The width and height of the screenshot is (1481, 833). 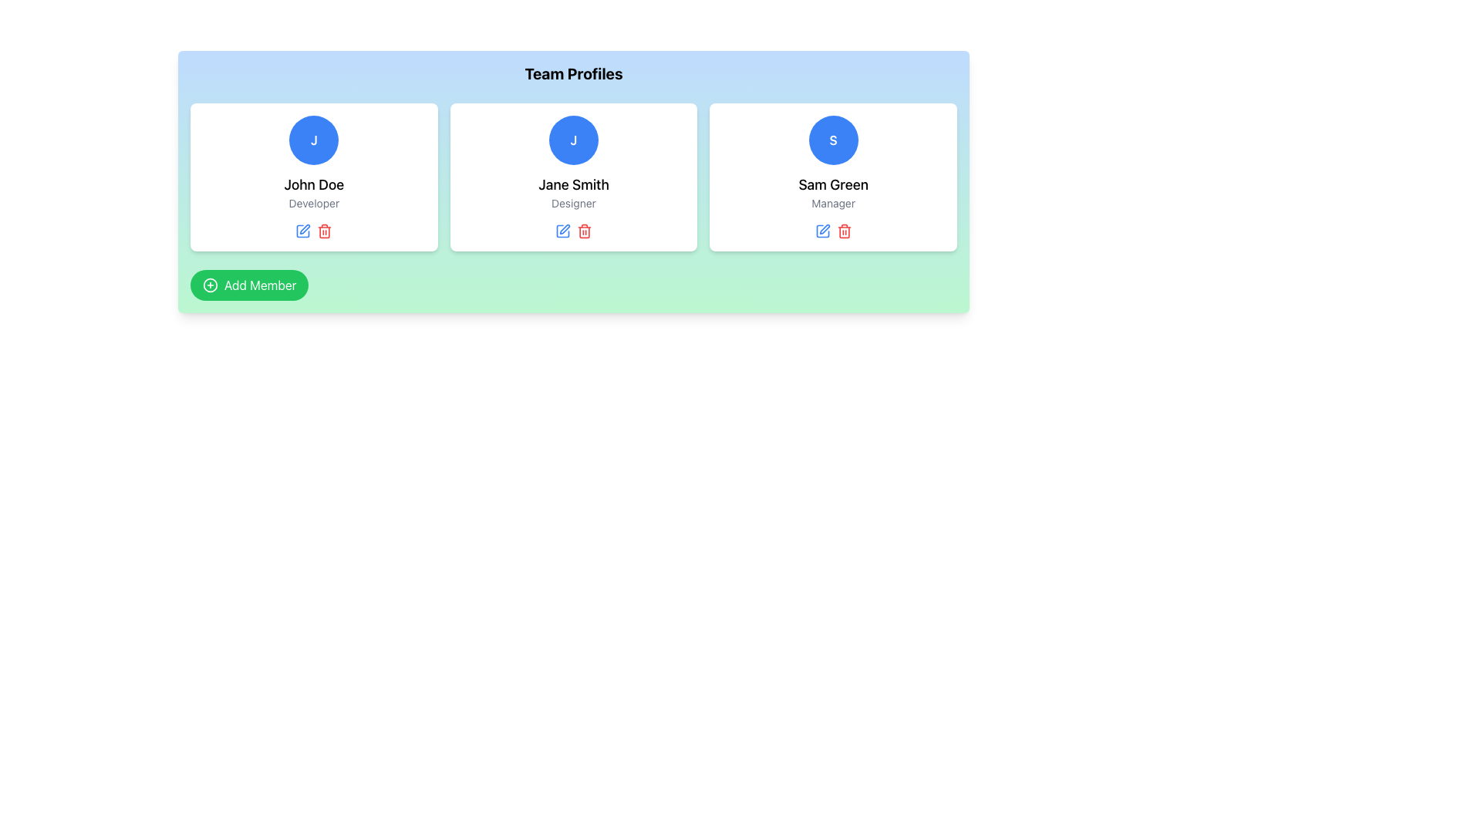 I want to click on the blue pen icon located below the label 'Sam Green' in the 'Team Profiles' section to trigger the hover effect, so click(x=821, y=231).